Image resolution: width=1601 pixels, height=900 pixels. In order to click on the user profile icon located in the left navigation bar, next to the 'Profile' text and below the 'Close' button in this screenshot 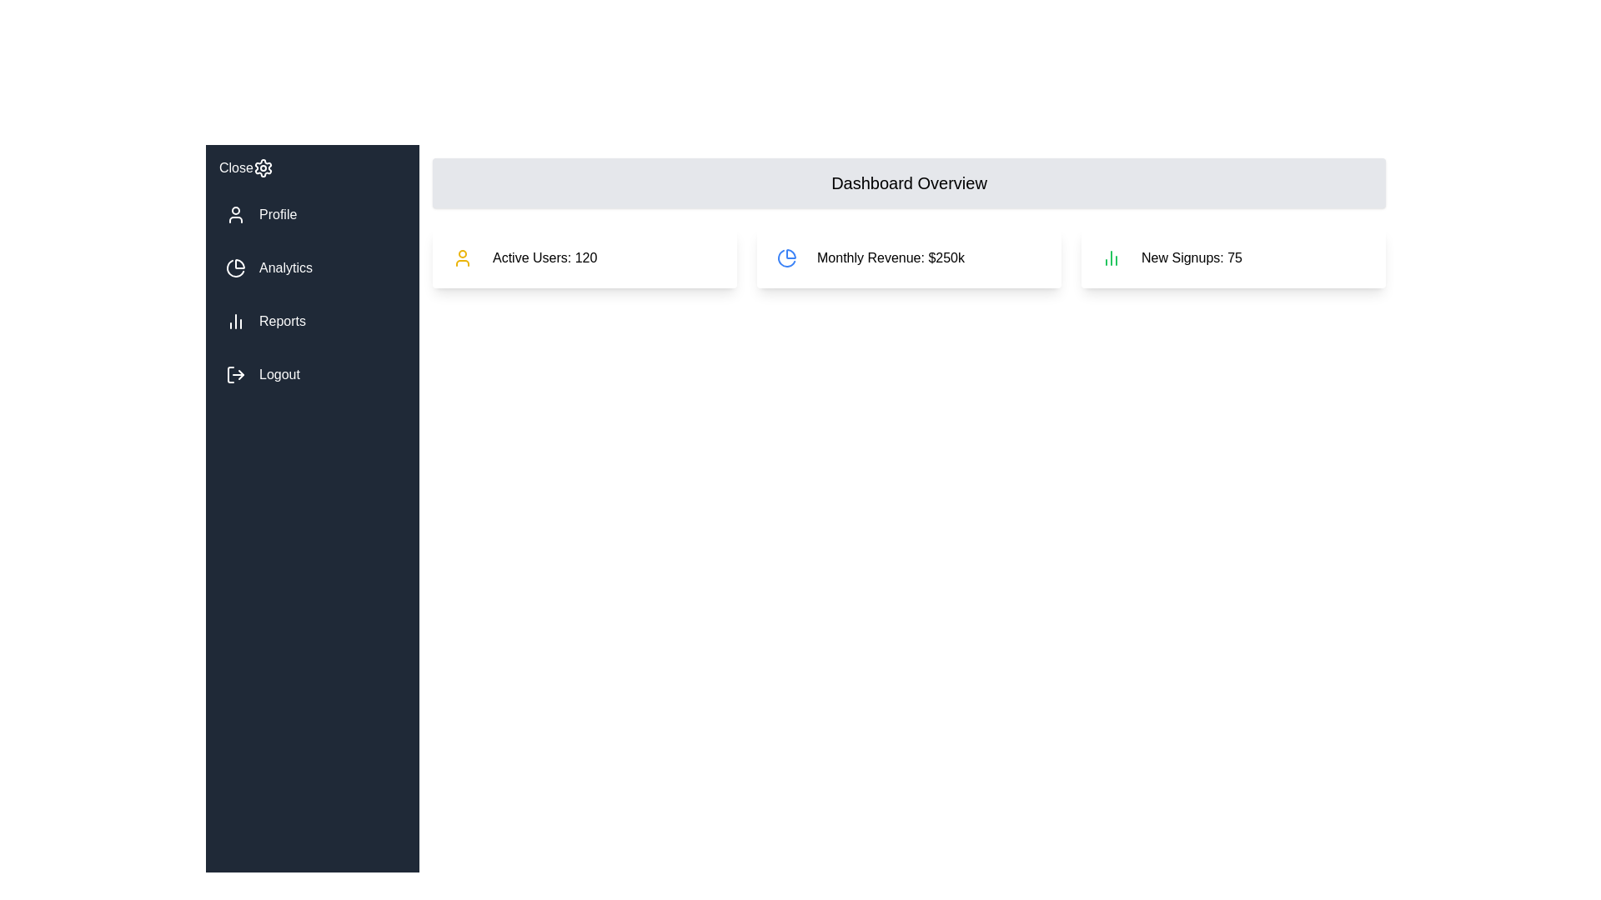, I will do `click(235, 214)`.